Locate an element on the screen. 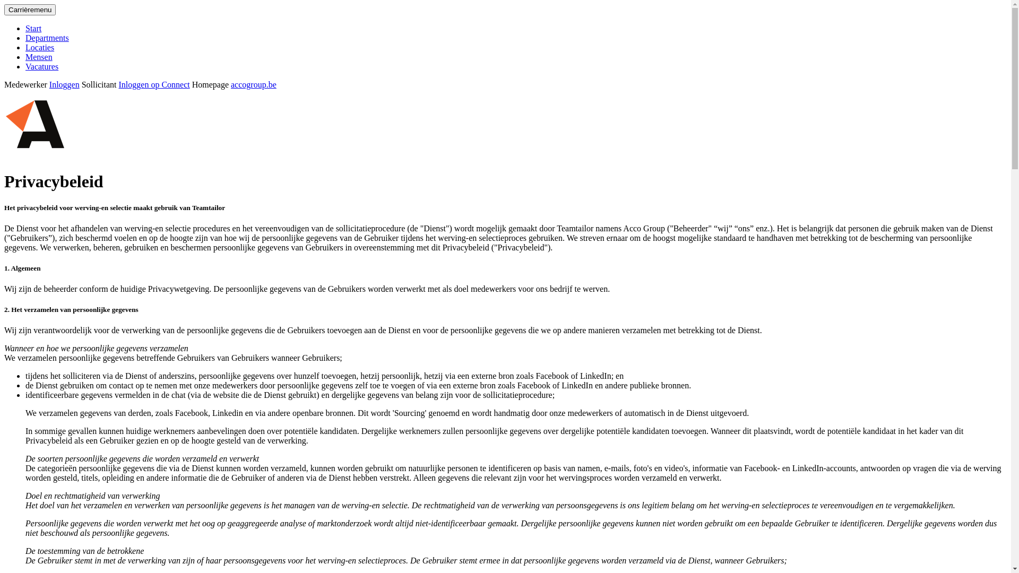 The image size is (1019, 573). 'Inloggen op Connect' is located at coordinates (154, 84).